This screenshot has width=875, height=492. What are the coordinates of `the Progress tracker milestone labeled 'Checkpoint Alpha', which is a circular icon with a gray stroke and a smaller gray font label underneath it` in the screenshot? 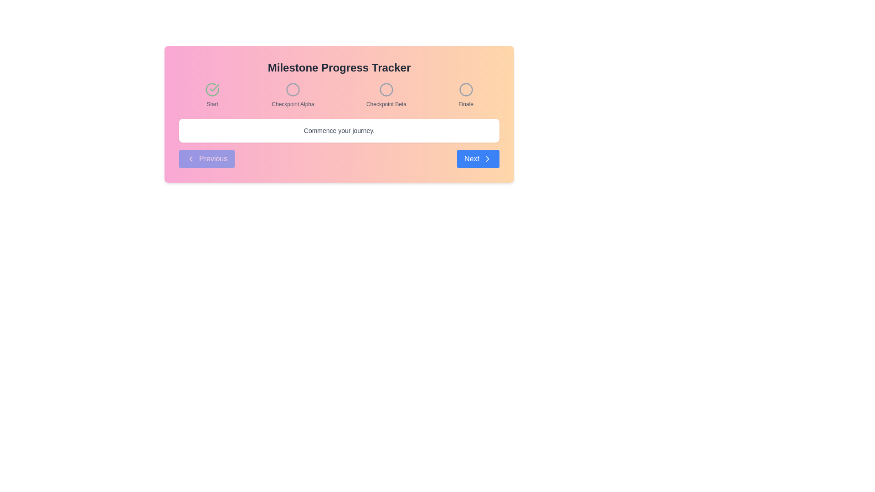 It's located at (293, 95).